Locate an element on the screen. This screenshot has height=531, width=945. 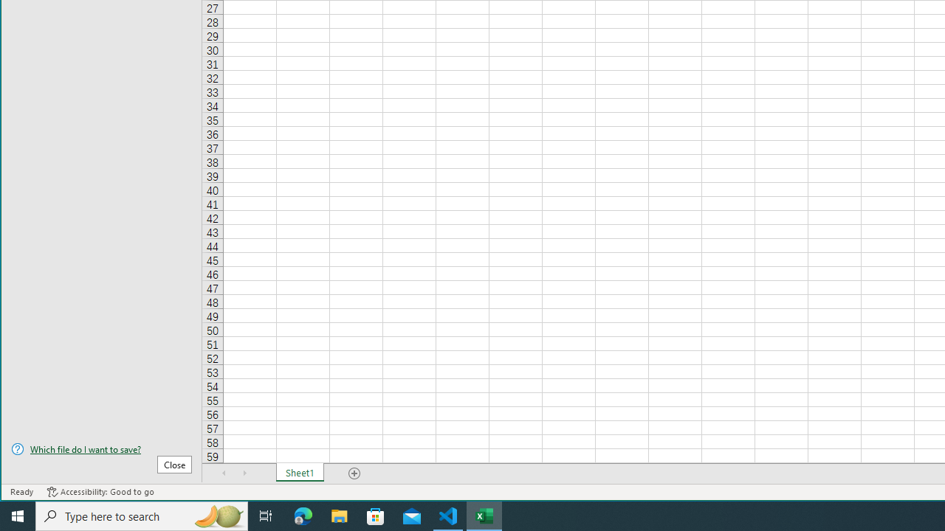
'Microsoft Edge' is located at coordinates (303, 515).